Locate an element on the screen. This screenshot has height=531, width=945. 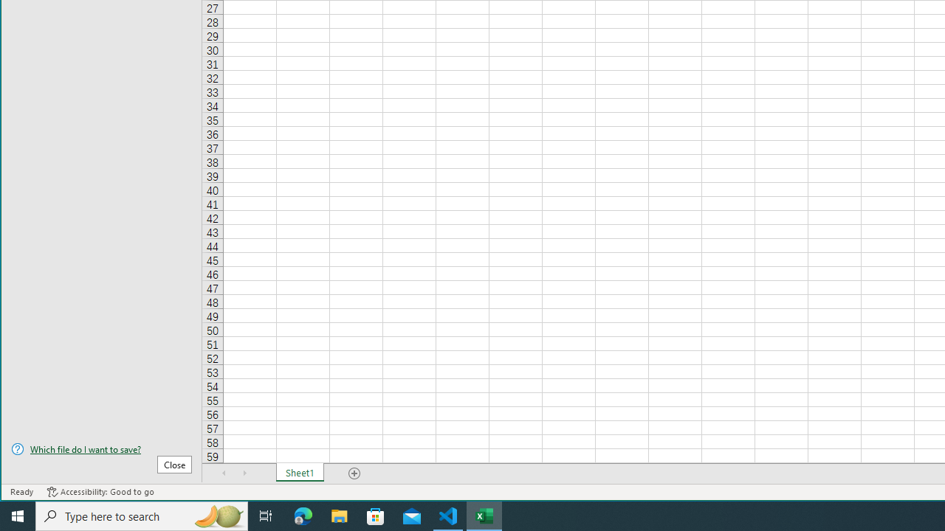
'Microsoft Edge' is located at coordinates (303, 515).